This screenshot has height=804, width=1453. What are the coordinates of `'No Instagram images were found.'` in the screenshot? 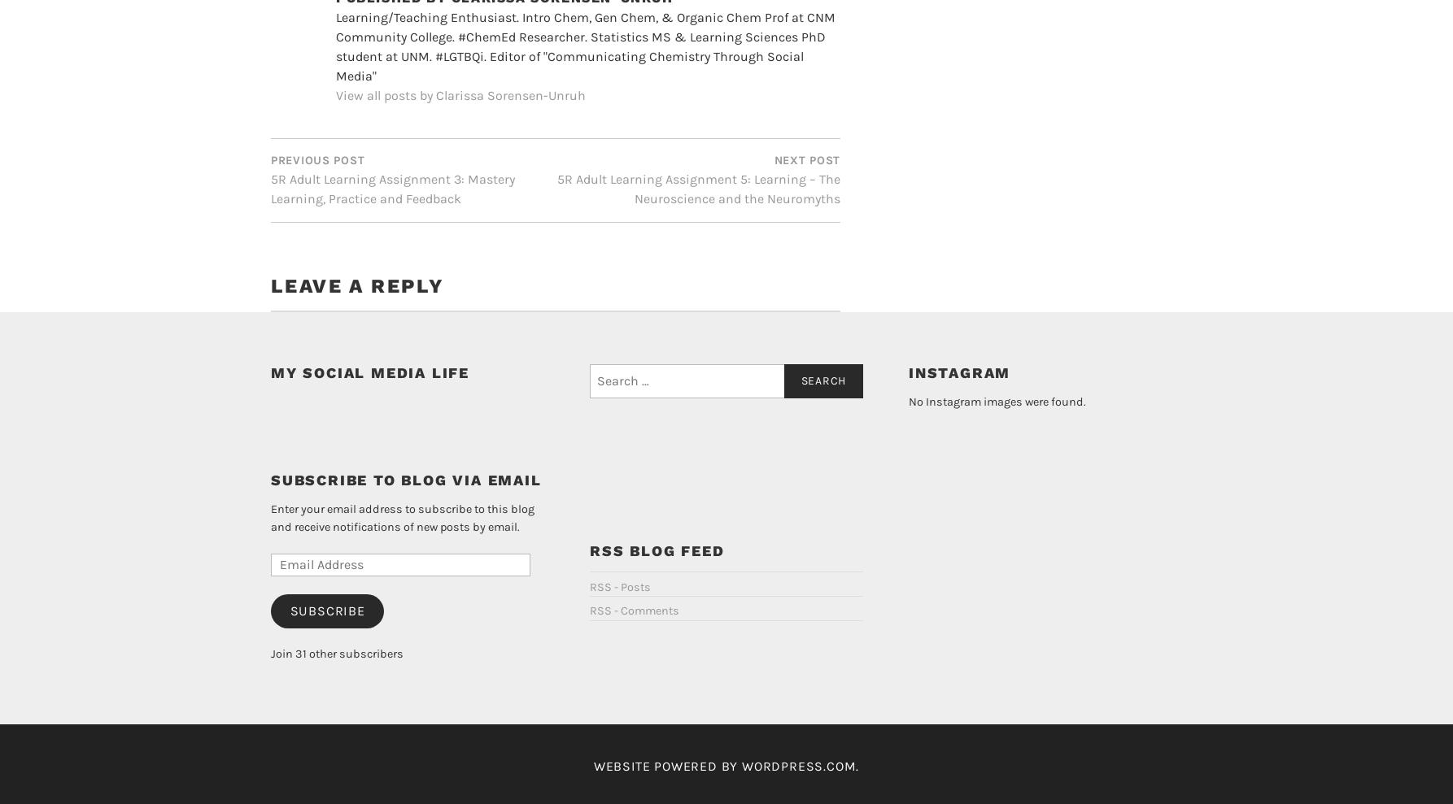 It's located at (907, 507).